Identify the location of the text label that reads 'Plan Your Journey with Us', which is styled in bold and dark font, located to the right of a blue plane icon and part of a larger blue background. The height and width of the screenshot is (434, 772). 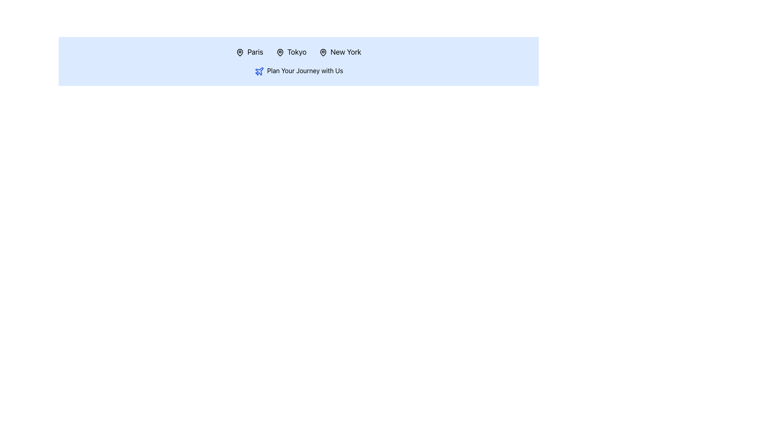
(304, 70).